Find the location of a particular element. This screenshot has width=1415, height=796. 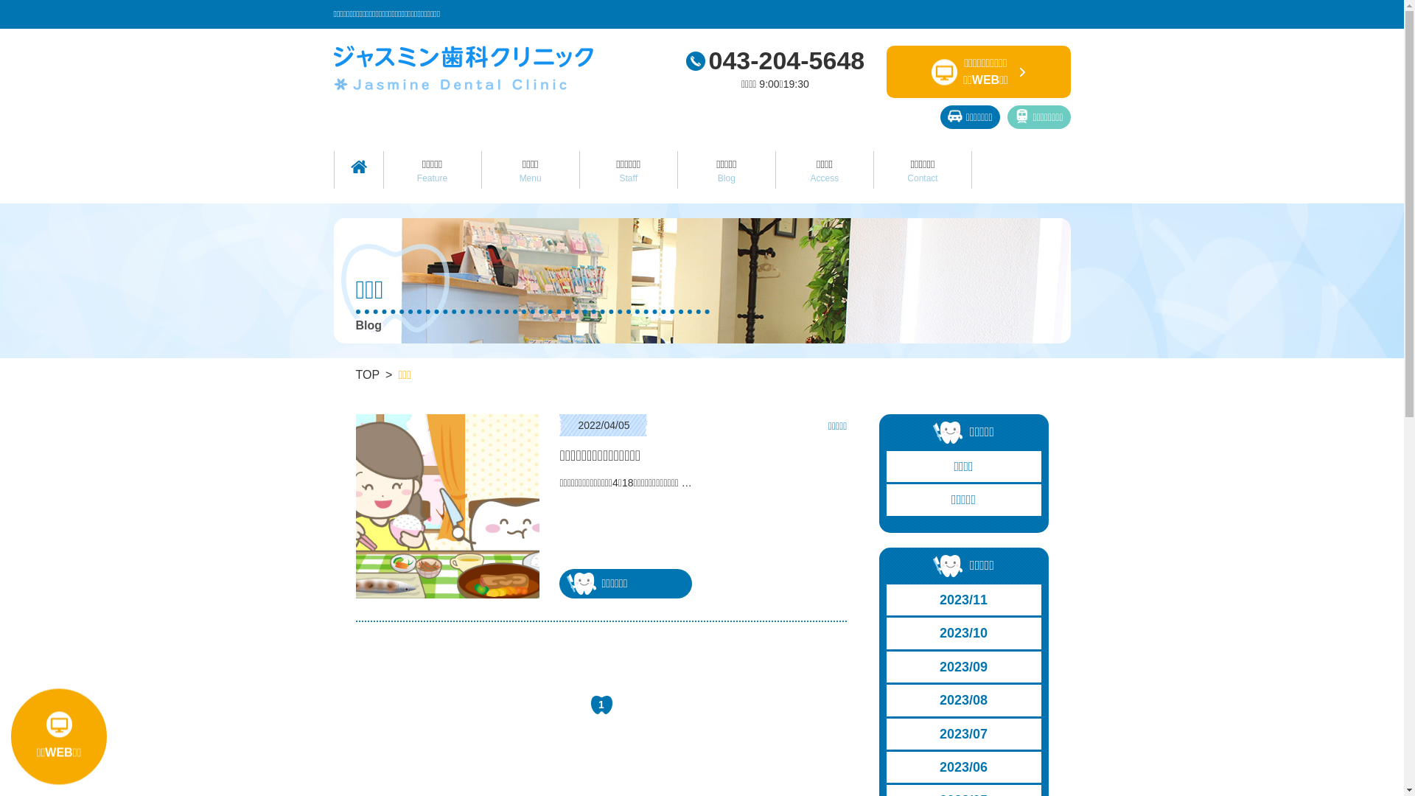

'2023/08' is located at coordinates (886, 699).